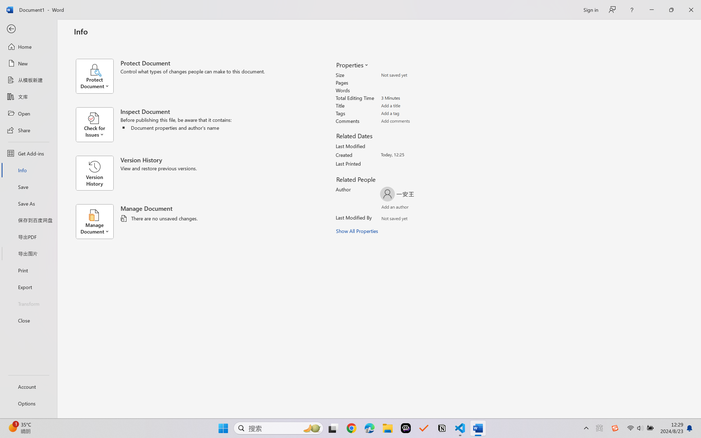 The width and height of the screenshot is (701, 438). Describe the element at coordinates (98, 76) in the screenshot. I see `'Protect Document'` at that location.